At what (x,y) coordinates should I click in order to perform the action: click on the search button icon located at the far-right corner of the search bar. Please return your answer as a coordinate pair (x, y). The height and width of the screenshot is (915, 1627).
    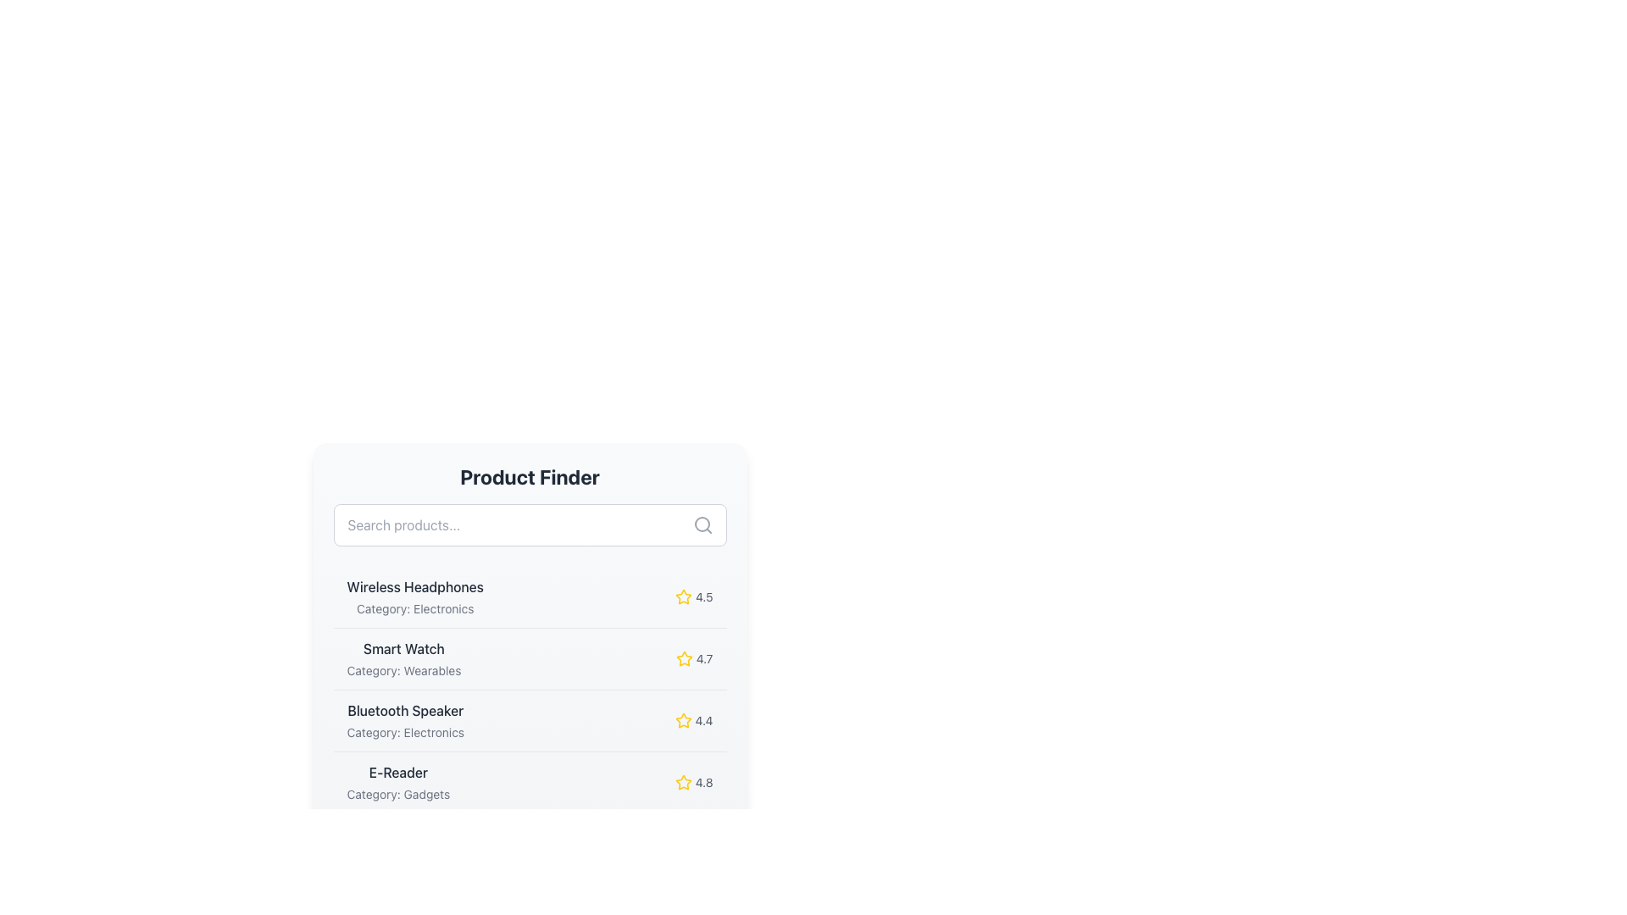
    Looking at the image, I should click on (702, 524).